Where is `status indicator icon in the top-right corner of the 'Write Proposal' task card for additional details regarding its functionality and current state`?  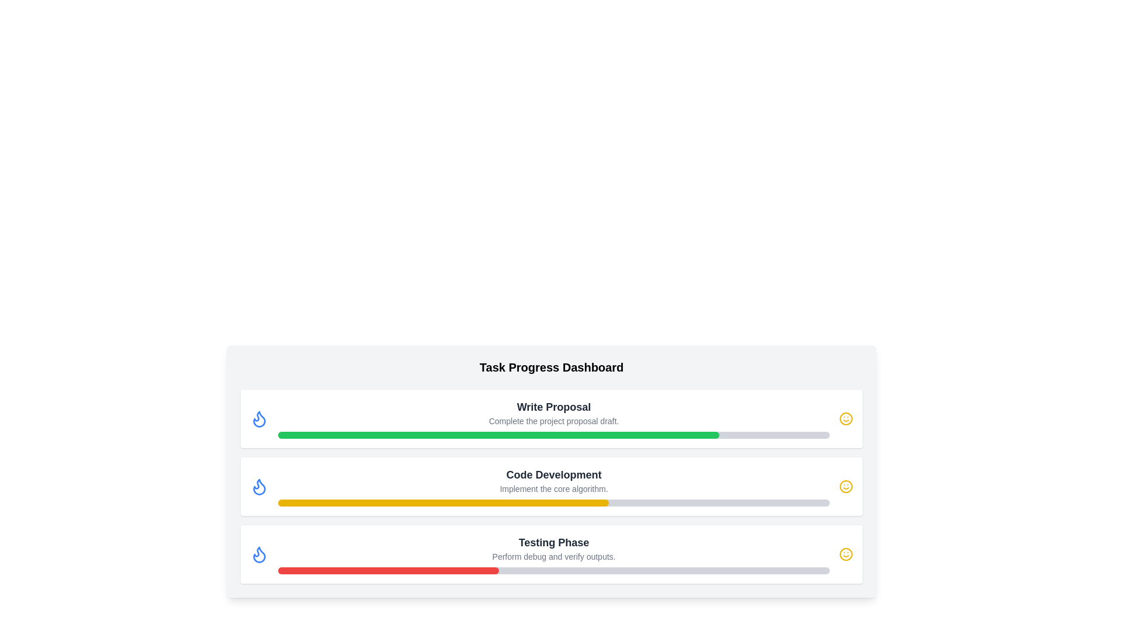 status indicator icon in the top-right corner of the 'Write Proposal' task card for additional details regarding its functionality and current state is located at coordinates (846, 418).